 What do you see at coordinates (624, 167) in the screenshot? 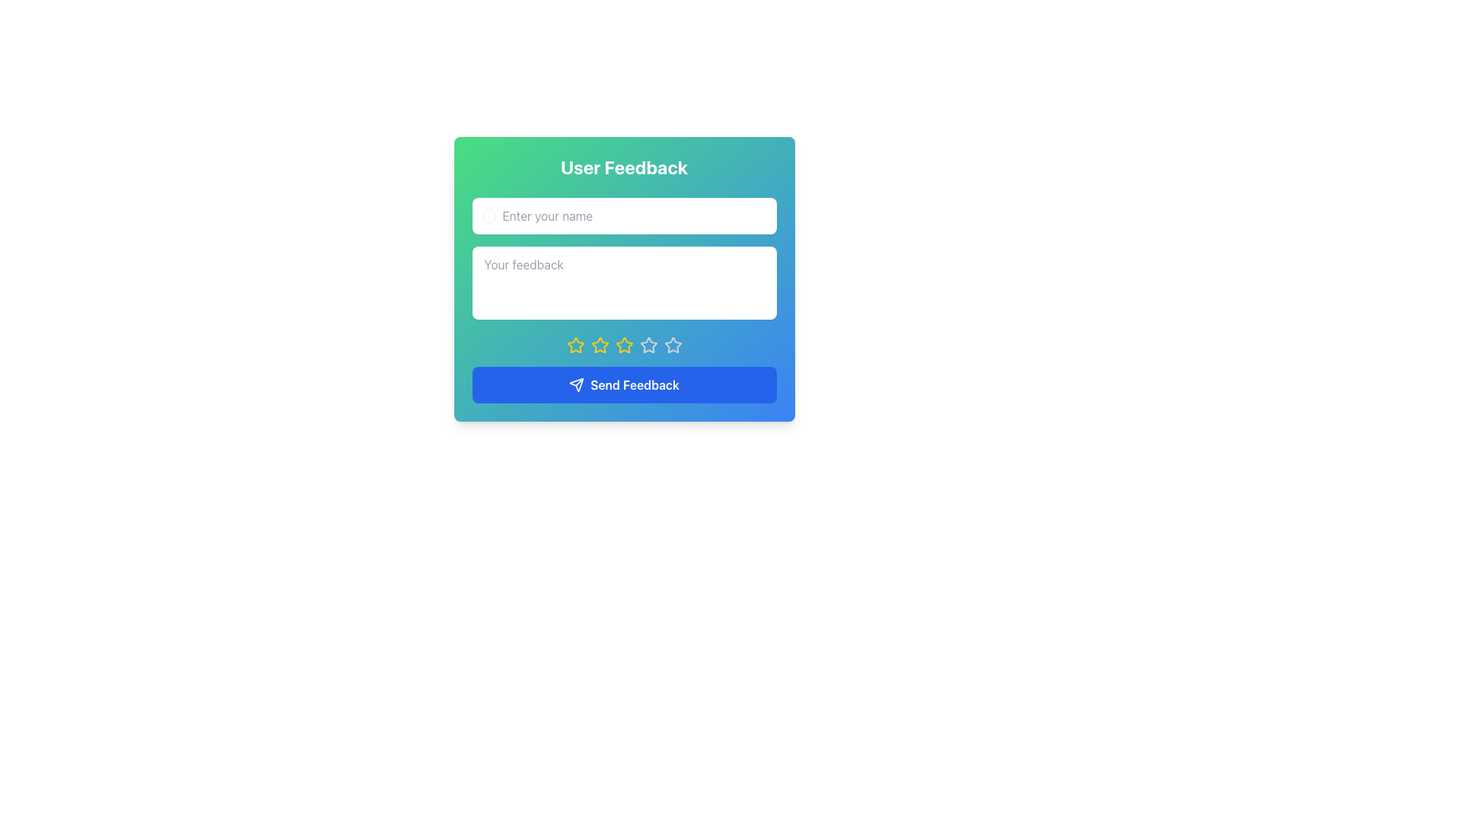
I see `the 'User Feedback' text heading, which is centered at the top of the colorful card, displayed in large, bold, white typography against a gradient background transitioning from green to blue` at bounding box center [624, 167].